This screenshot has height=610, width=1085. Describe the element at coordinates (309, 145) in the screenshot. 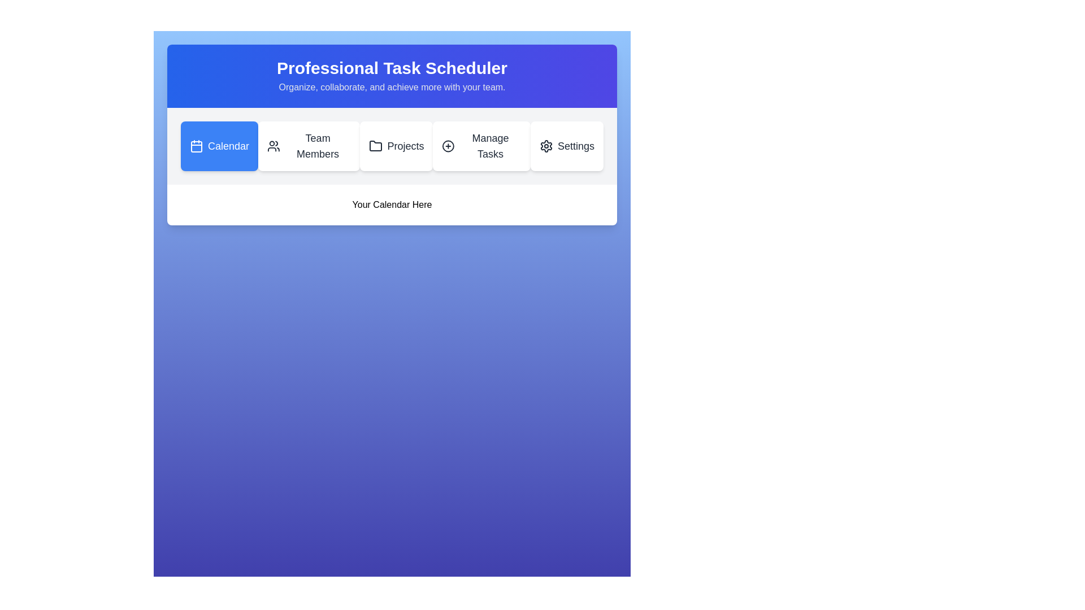

I see `the second navigation button, located between the 'Calendar' and 'Projects' buttons` at that location.